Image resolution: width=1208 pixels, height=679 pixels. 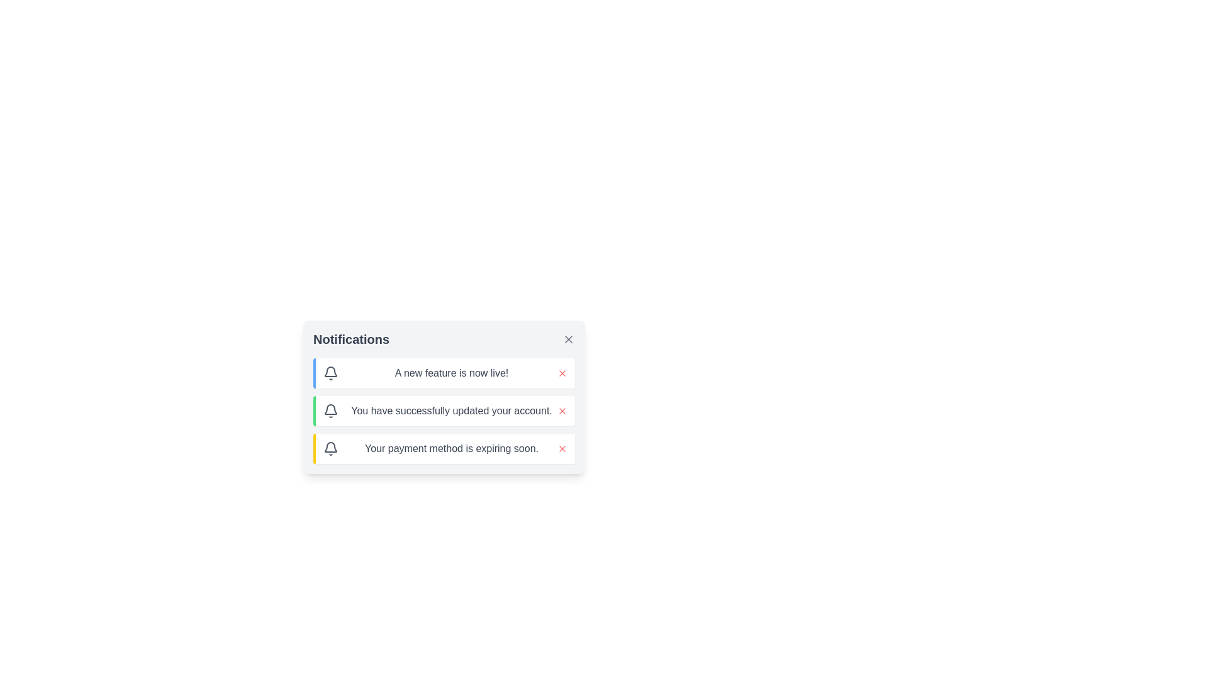 What do you see at coordinates (561, 373) in the screenshot?
I see `the red 'X' Close button icon located at the top-right corner of the alert box labeled 'A new feature is now live!' to trigger a tooltip or visual state change` at bounding box center [561, 373].